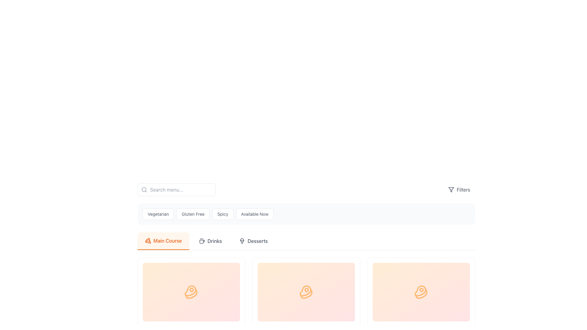  Describe the element at coordinates (193, 214) in the screenshot. I see `the 'Gluten Free' button, which is the second button from the left in the group of filter buttons` at that location.